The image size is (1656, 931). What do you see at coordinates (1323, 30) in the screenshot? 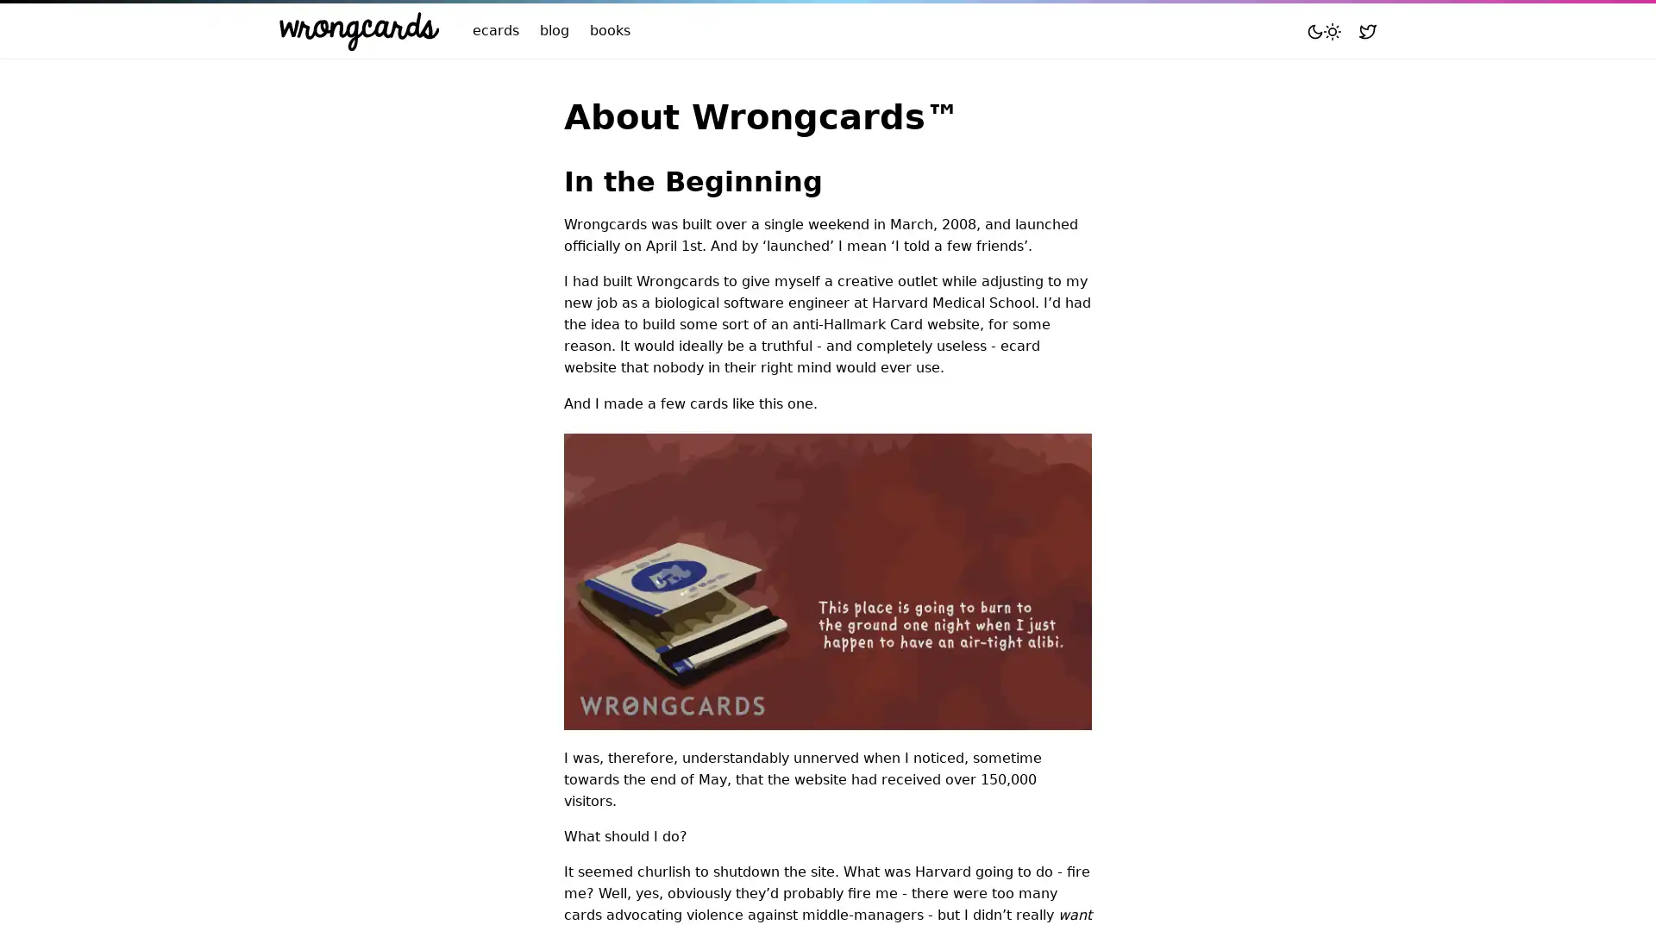
I see `Toggle mode` at bounding box center [1323, 30].